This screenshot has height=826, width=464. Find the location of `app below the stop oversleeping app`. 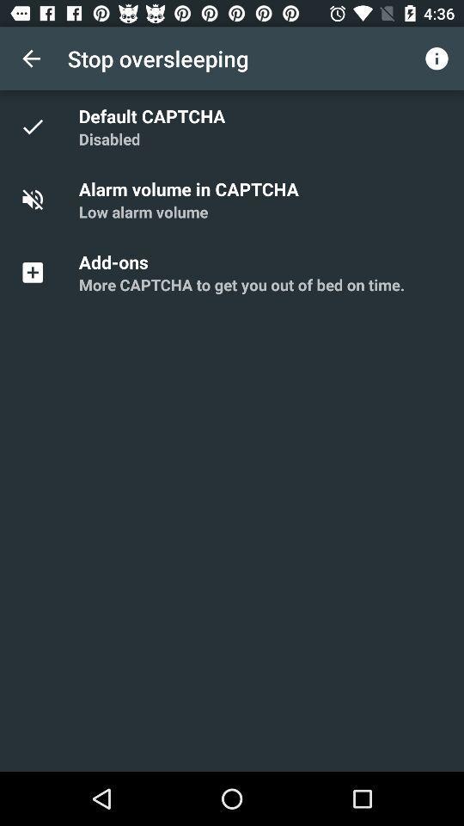

app below the stop oversleeping app is located at coordinates (155, 114).